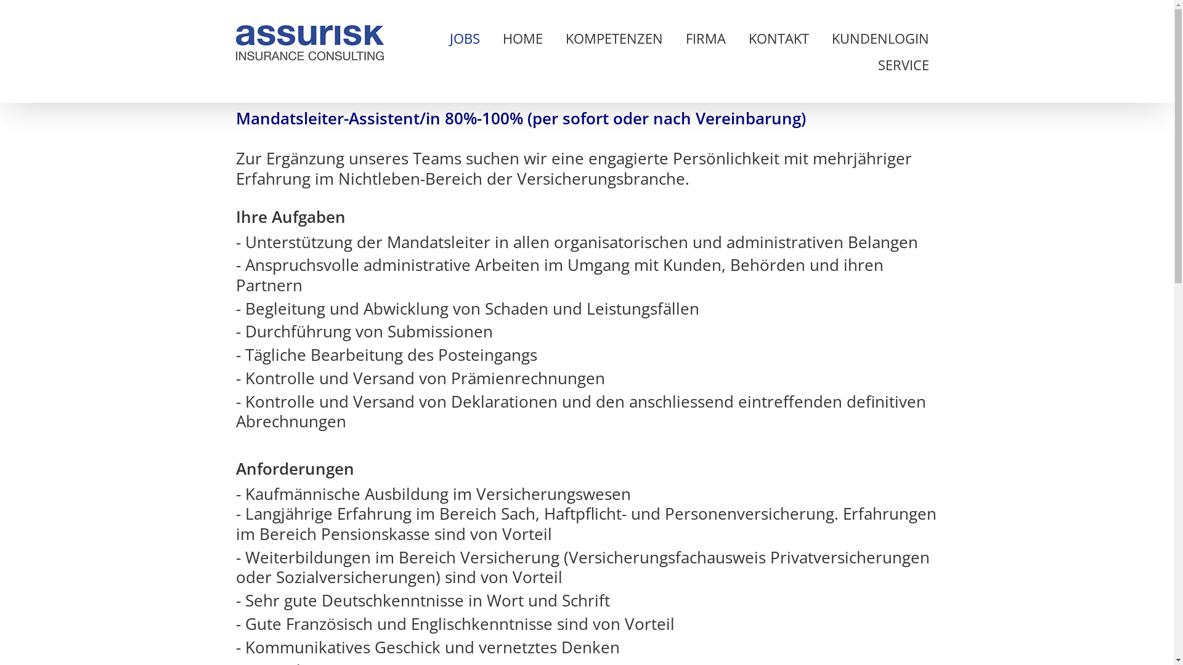  What do you see at coordinates (705, 38) in the screenshot?
I see `'FIRMA'` at bounding box center [705, 38].